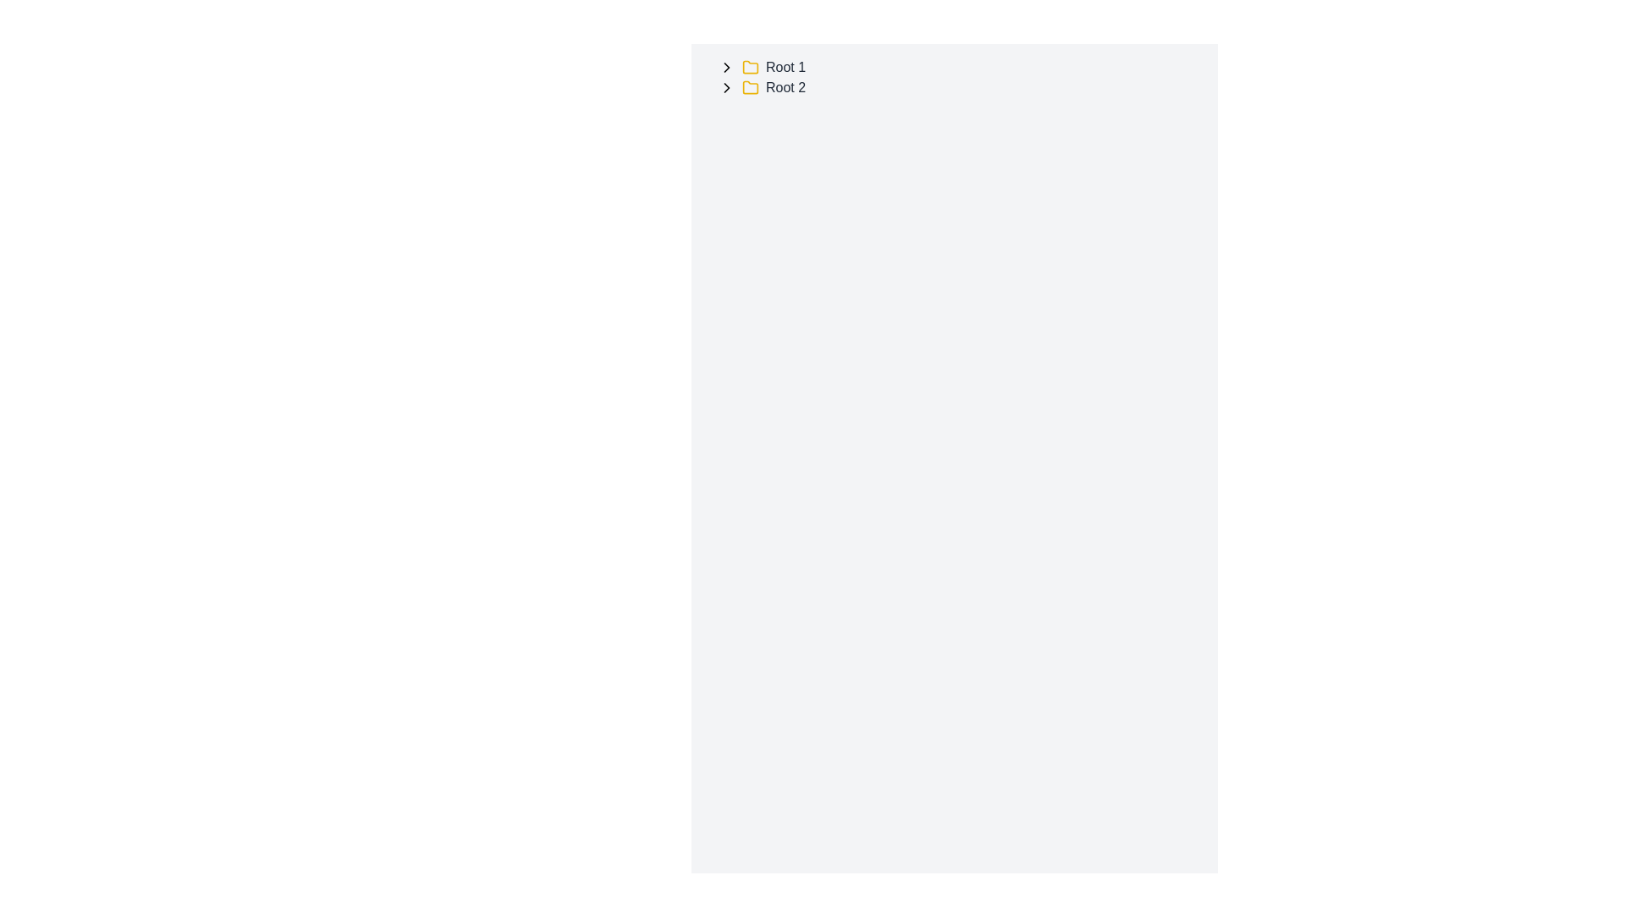 This screenshot has height=914, width=1625. Describe the element at coordinates (785, 67) in the screenshot. I see `the Text label that describes the first folder item in the hierarchical structure, located to the right of the yellow folder icon and after the chevron icon in the vertical list` at that location.